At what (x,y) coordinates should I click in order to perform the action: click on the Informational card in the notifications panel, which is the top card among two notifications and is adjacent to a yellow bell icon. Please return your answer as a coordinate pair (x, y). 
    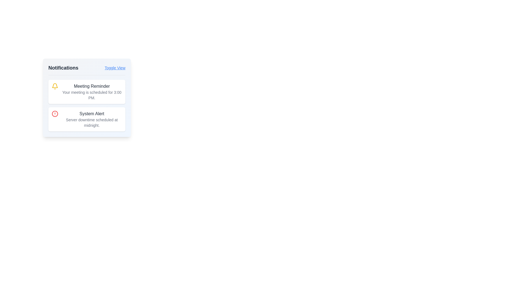
    Looking at the image, I should click on (92, 92).